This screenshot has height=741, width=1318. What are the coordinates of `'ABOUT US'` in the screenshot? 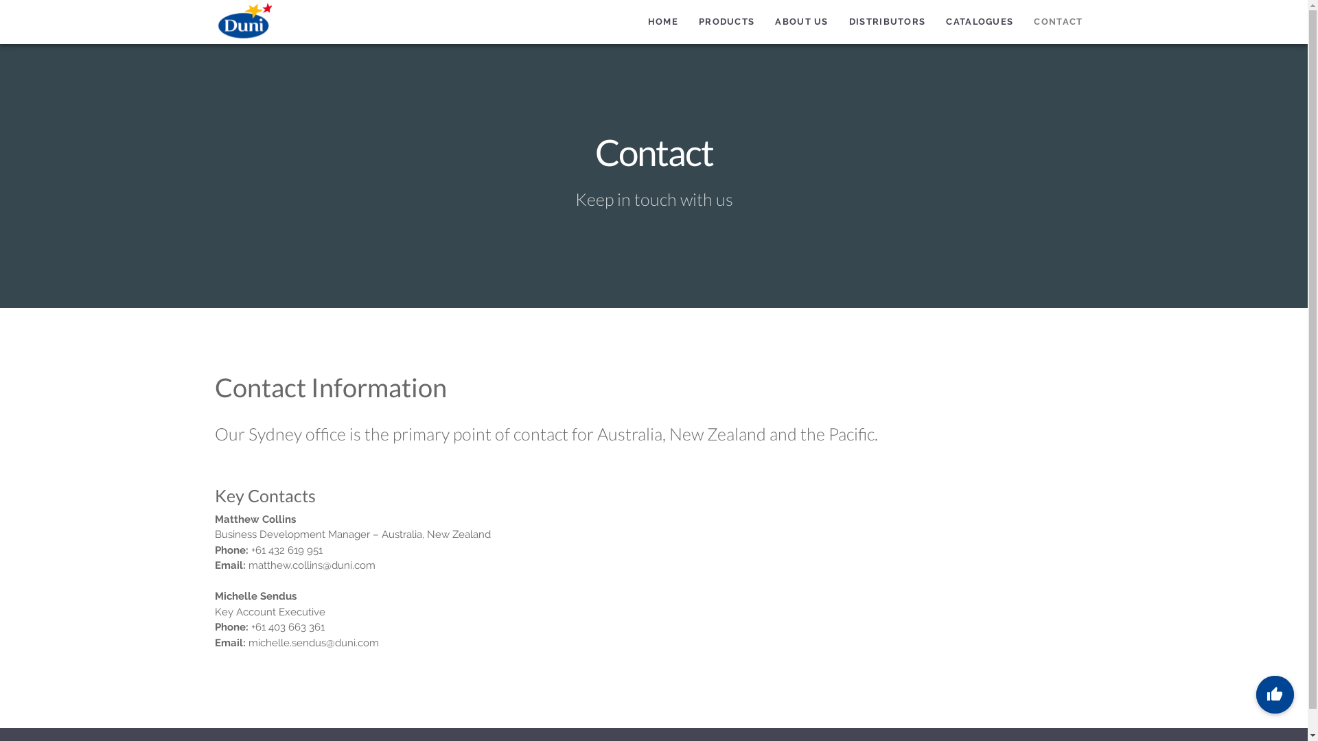 It's located at (801, 21).